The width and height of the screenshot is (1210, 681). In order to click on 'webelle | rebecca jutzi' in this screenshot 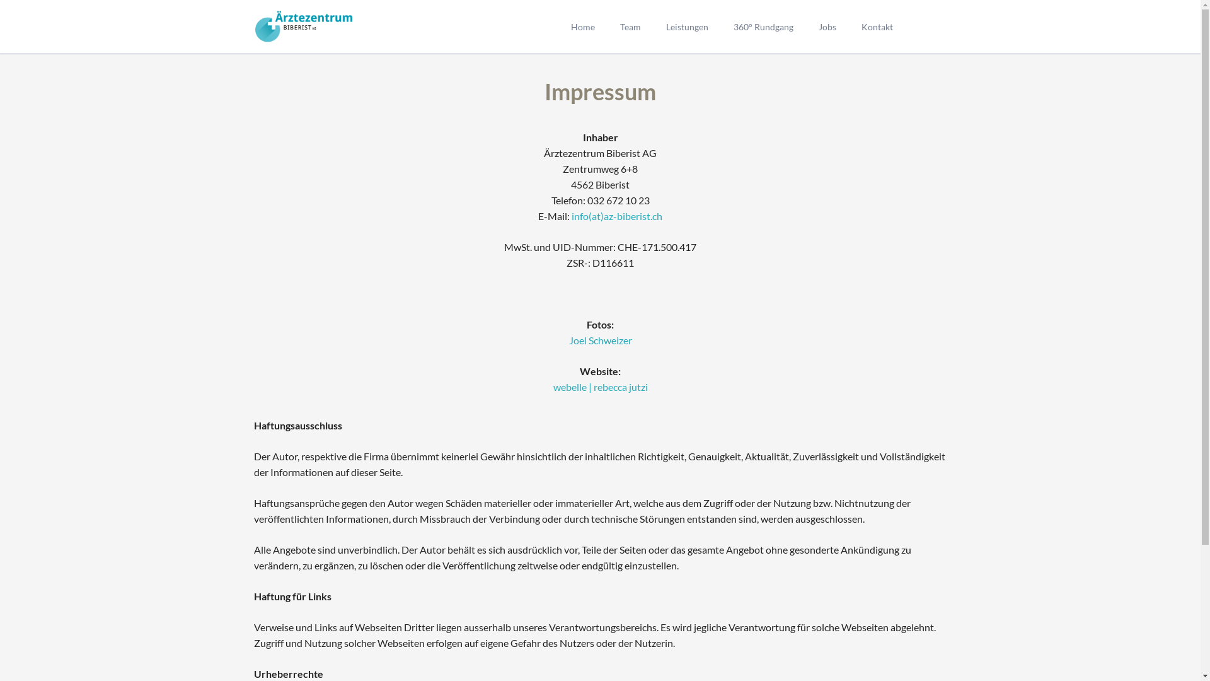, I will do `click(600, 386)`.